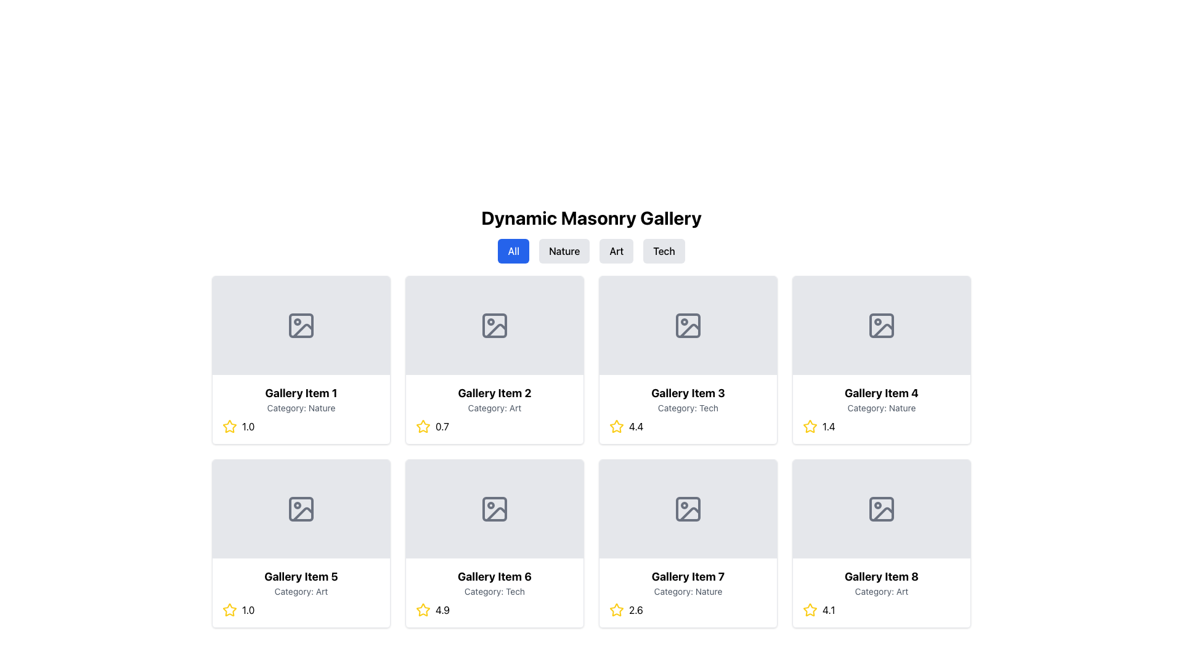  I want to click on the Gallery item card located in the second row and fourth column of the grid, so click(880, 543).